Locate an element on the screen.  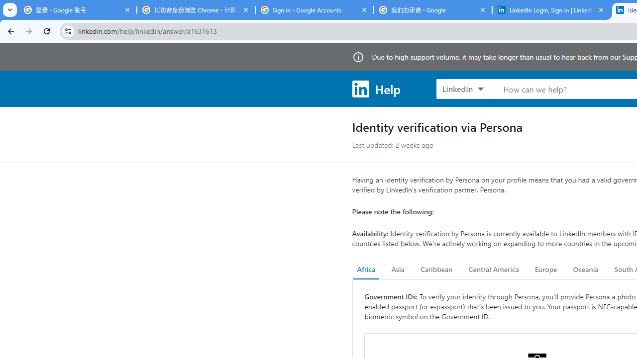
'Asia' is located at coordinates (397, 269).